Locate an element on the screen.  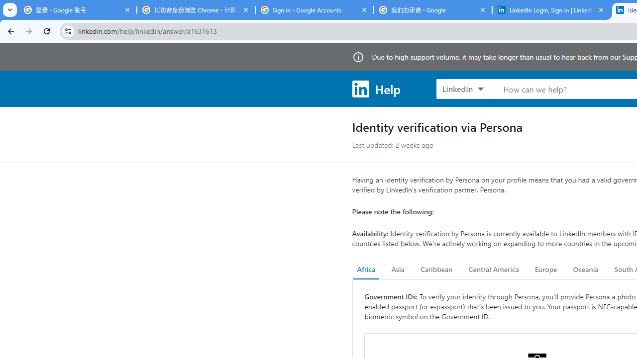
'Asia' is located at coordinates (397, 269).